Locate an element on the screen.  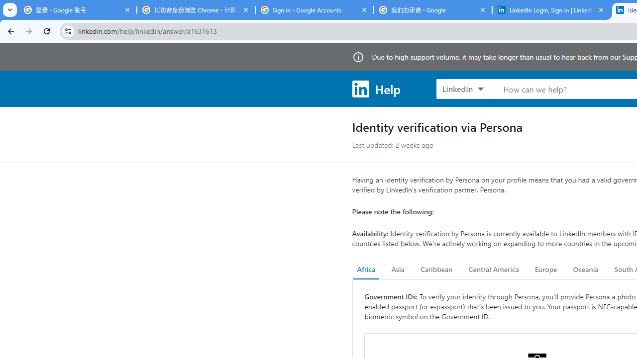
'Asia' is located at coordinates (397, 269).